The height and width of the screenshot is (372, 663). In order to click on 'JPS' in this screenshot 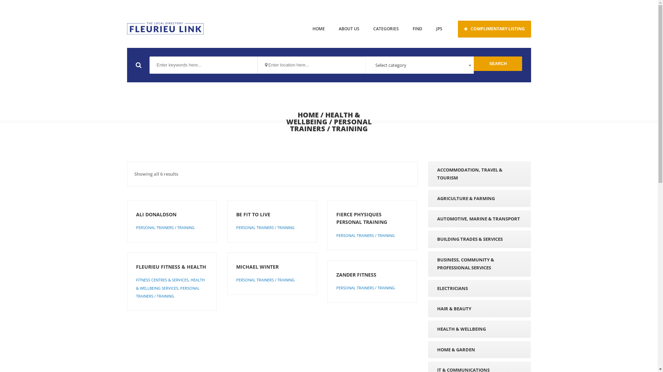, I will do `click(439, 29)`.